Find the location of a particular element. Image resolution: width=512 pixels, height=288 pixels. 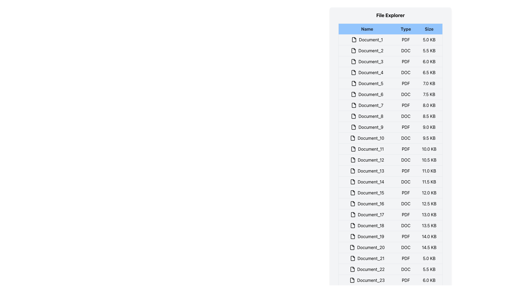

text label displaying '5.0 KB' in the 'Size' column for 'Document_21' in the file explorer interface is located at coordinates (429, 258).